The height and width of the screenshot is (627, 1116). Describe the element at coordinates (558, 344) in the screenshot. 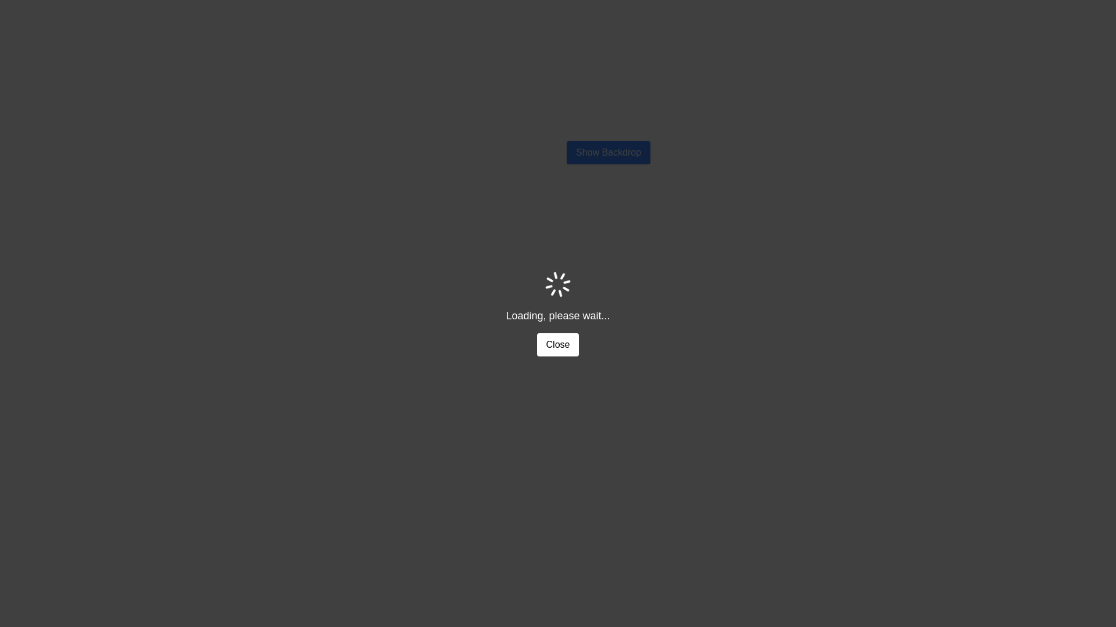

I see `the close button located at the bottom center of the loading dialog to observe the shadow effect` at that location.